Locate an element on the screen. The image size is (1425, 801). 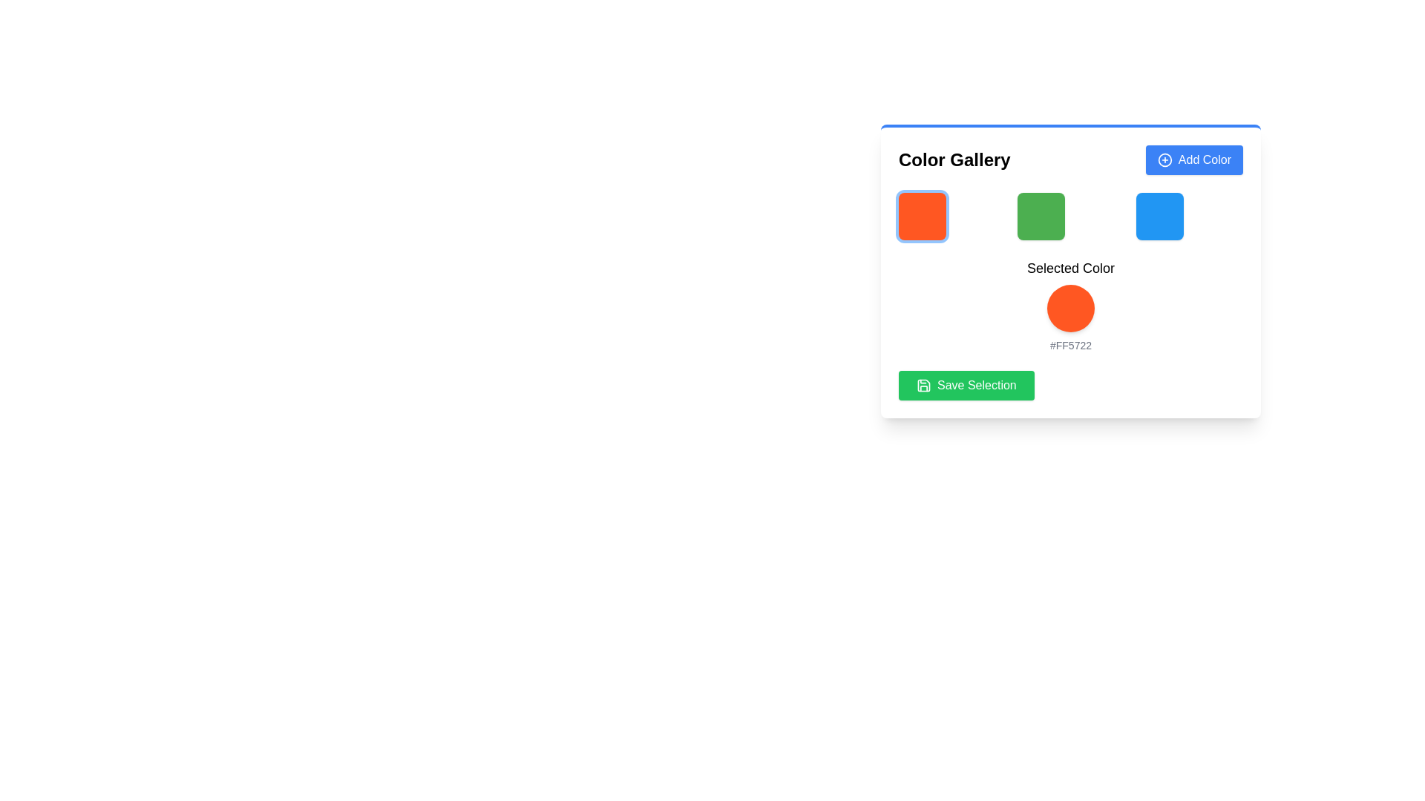
the green color swatch with rounded corners in the Color Gallery is located at coordinates (1040, 217).